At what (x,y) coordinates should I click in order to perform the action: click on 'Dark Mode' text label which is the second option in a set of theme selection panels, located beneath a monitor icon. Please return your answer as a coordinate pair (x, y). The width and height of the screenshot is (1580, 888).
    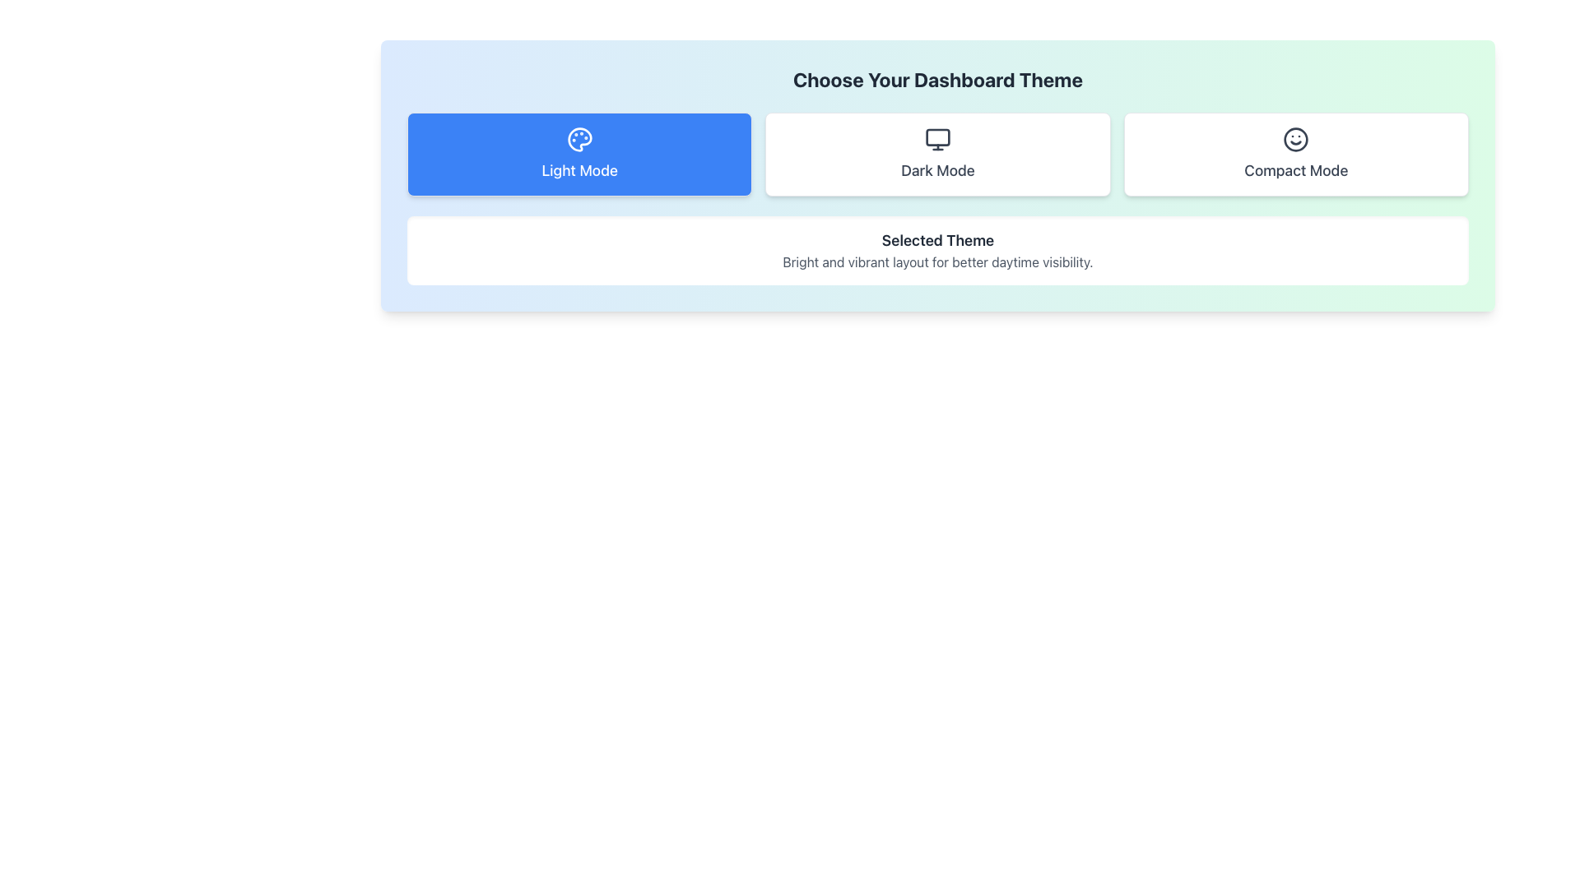
    Looking at the image, I should click on (937, 171).